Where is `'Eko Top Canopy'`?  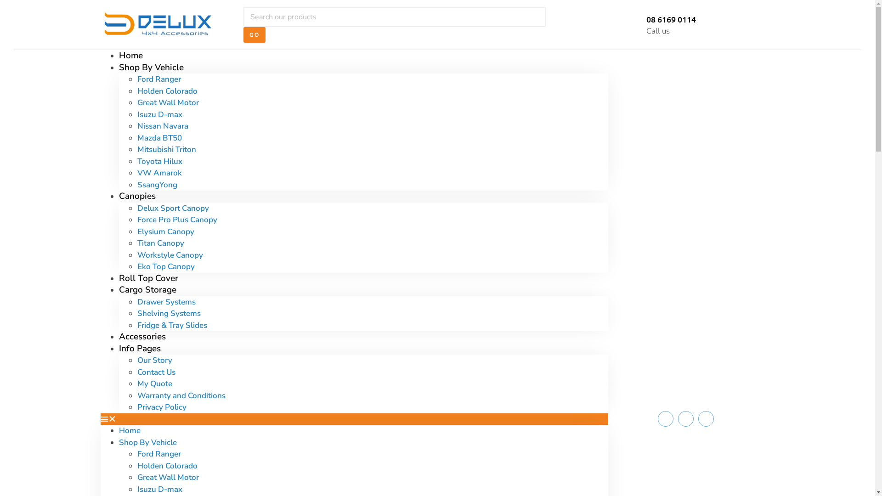
'Eko Top Canopy' is located at coordinates (165, 266).